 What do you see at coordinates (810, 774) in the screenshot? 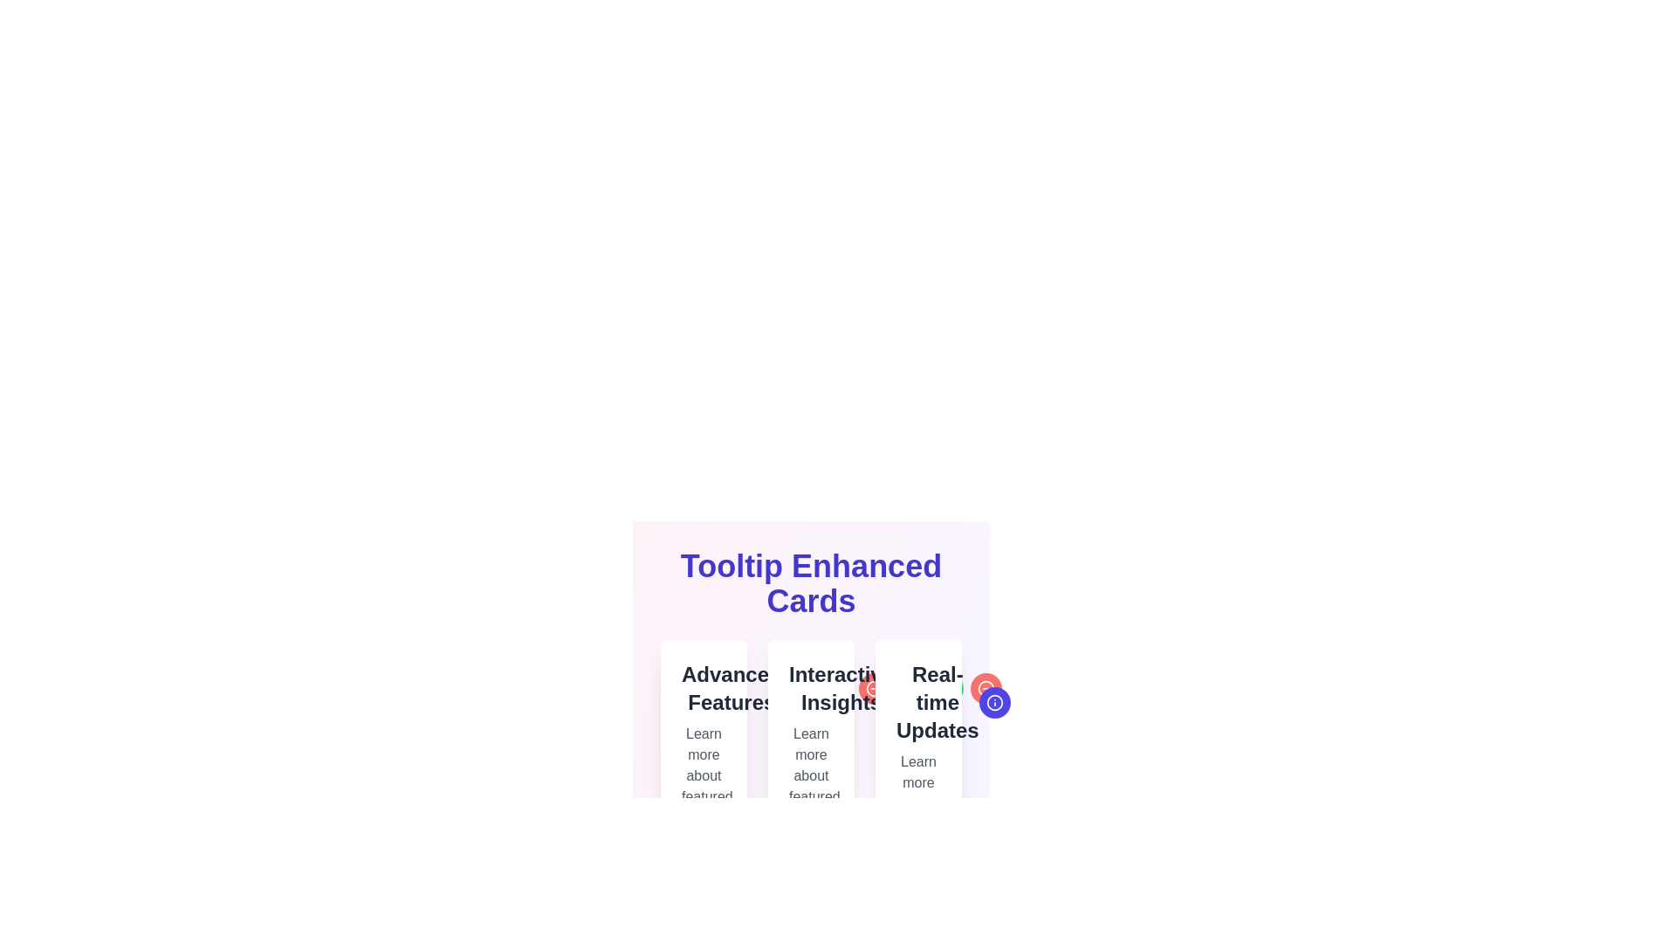
I see `the Text block providing supplementary information related to 'Interactive Insights', which is located below the 'Interactive Insights' title in the middle card of the three displayed cards` at bounding box center [810, 774].